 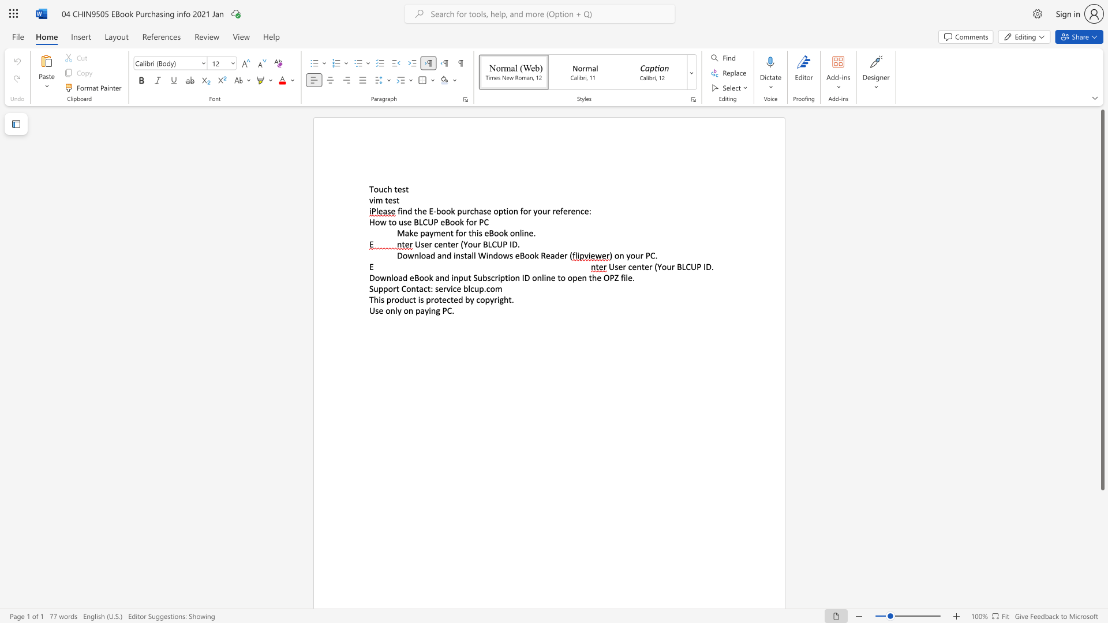 I want to click on the subset text "st" within the text "Touch test", so click(x=402, y=189).